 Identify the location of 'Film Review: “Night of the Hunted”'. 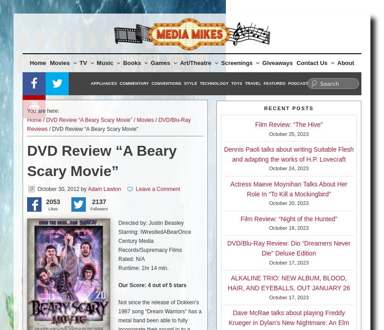
(289, 218).